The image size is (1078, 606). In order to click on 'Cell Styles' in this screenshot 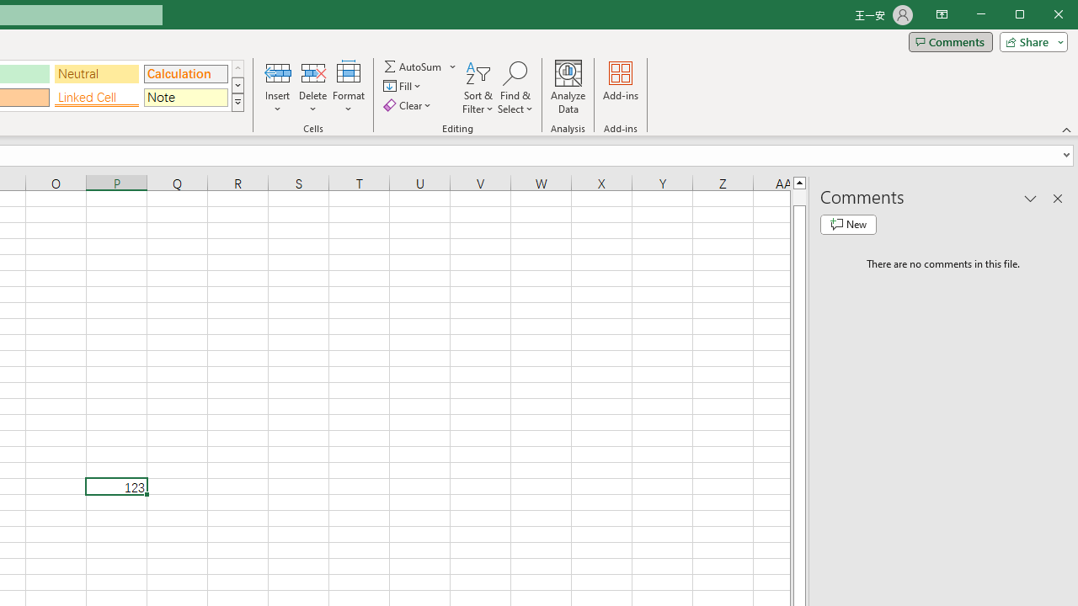, I will do `click(237, 103)`.